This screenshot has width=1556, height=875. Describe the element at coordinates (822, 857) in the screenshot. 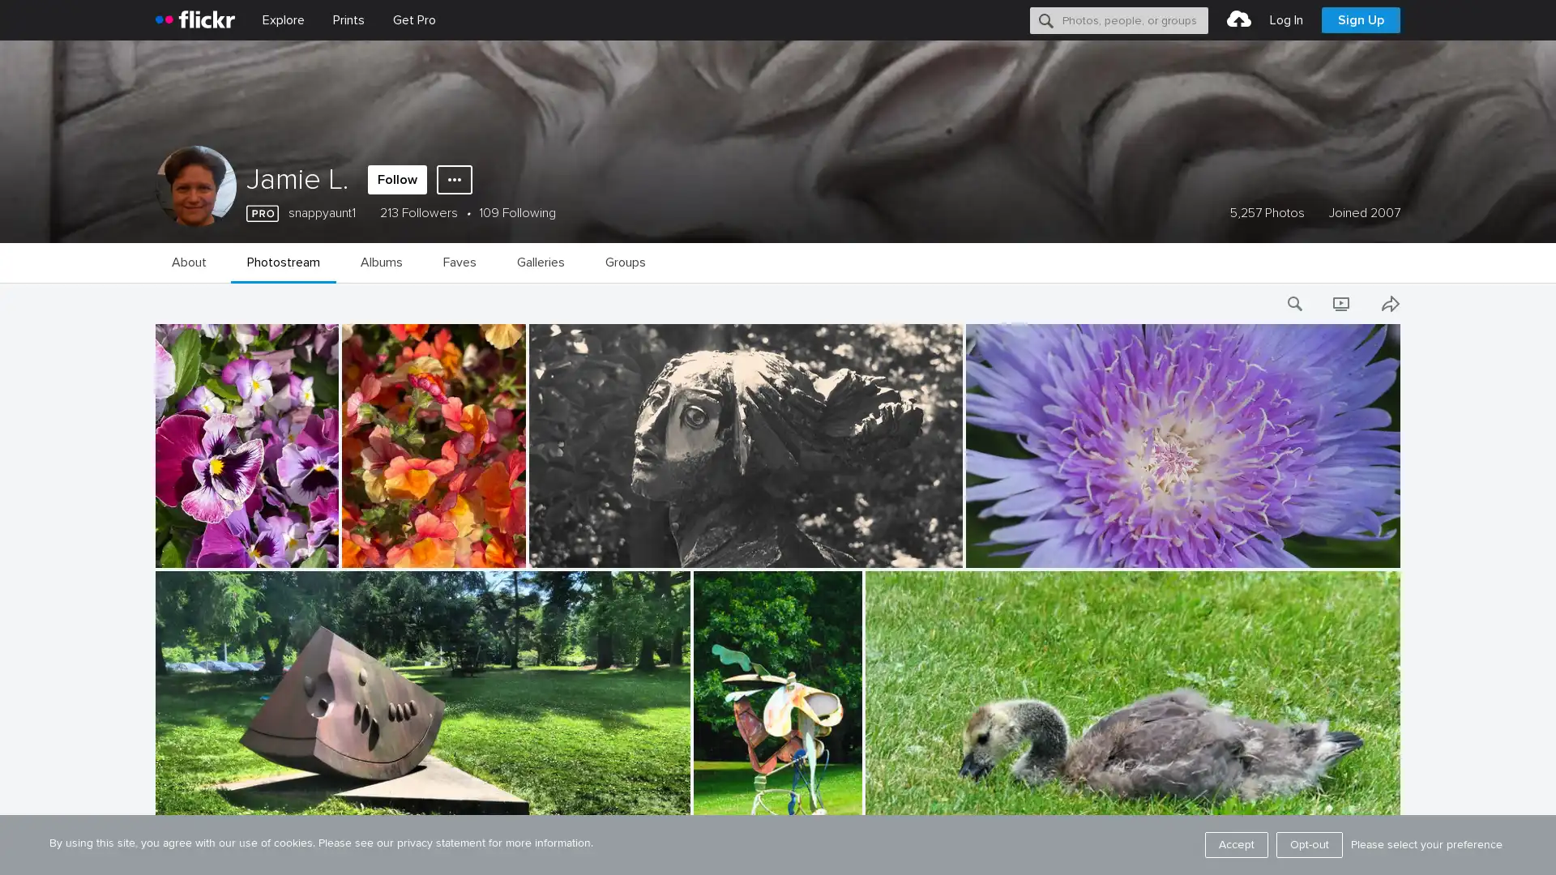

I see `Add to Favorites` at that location.